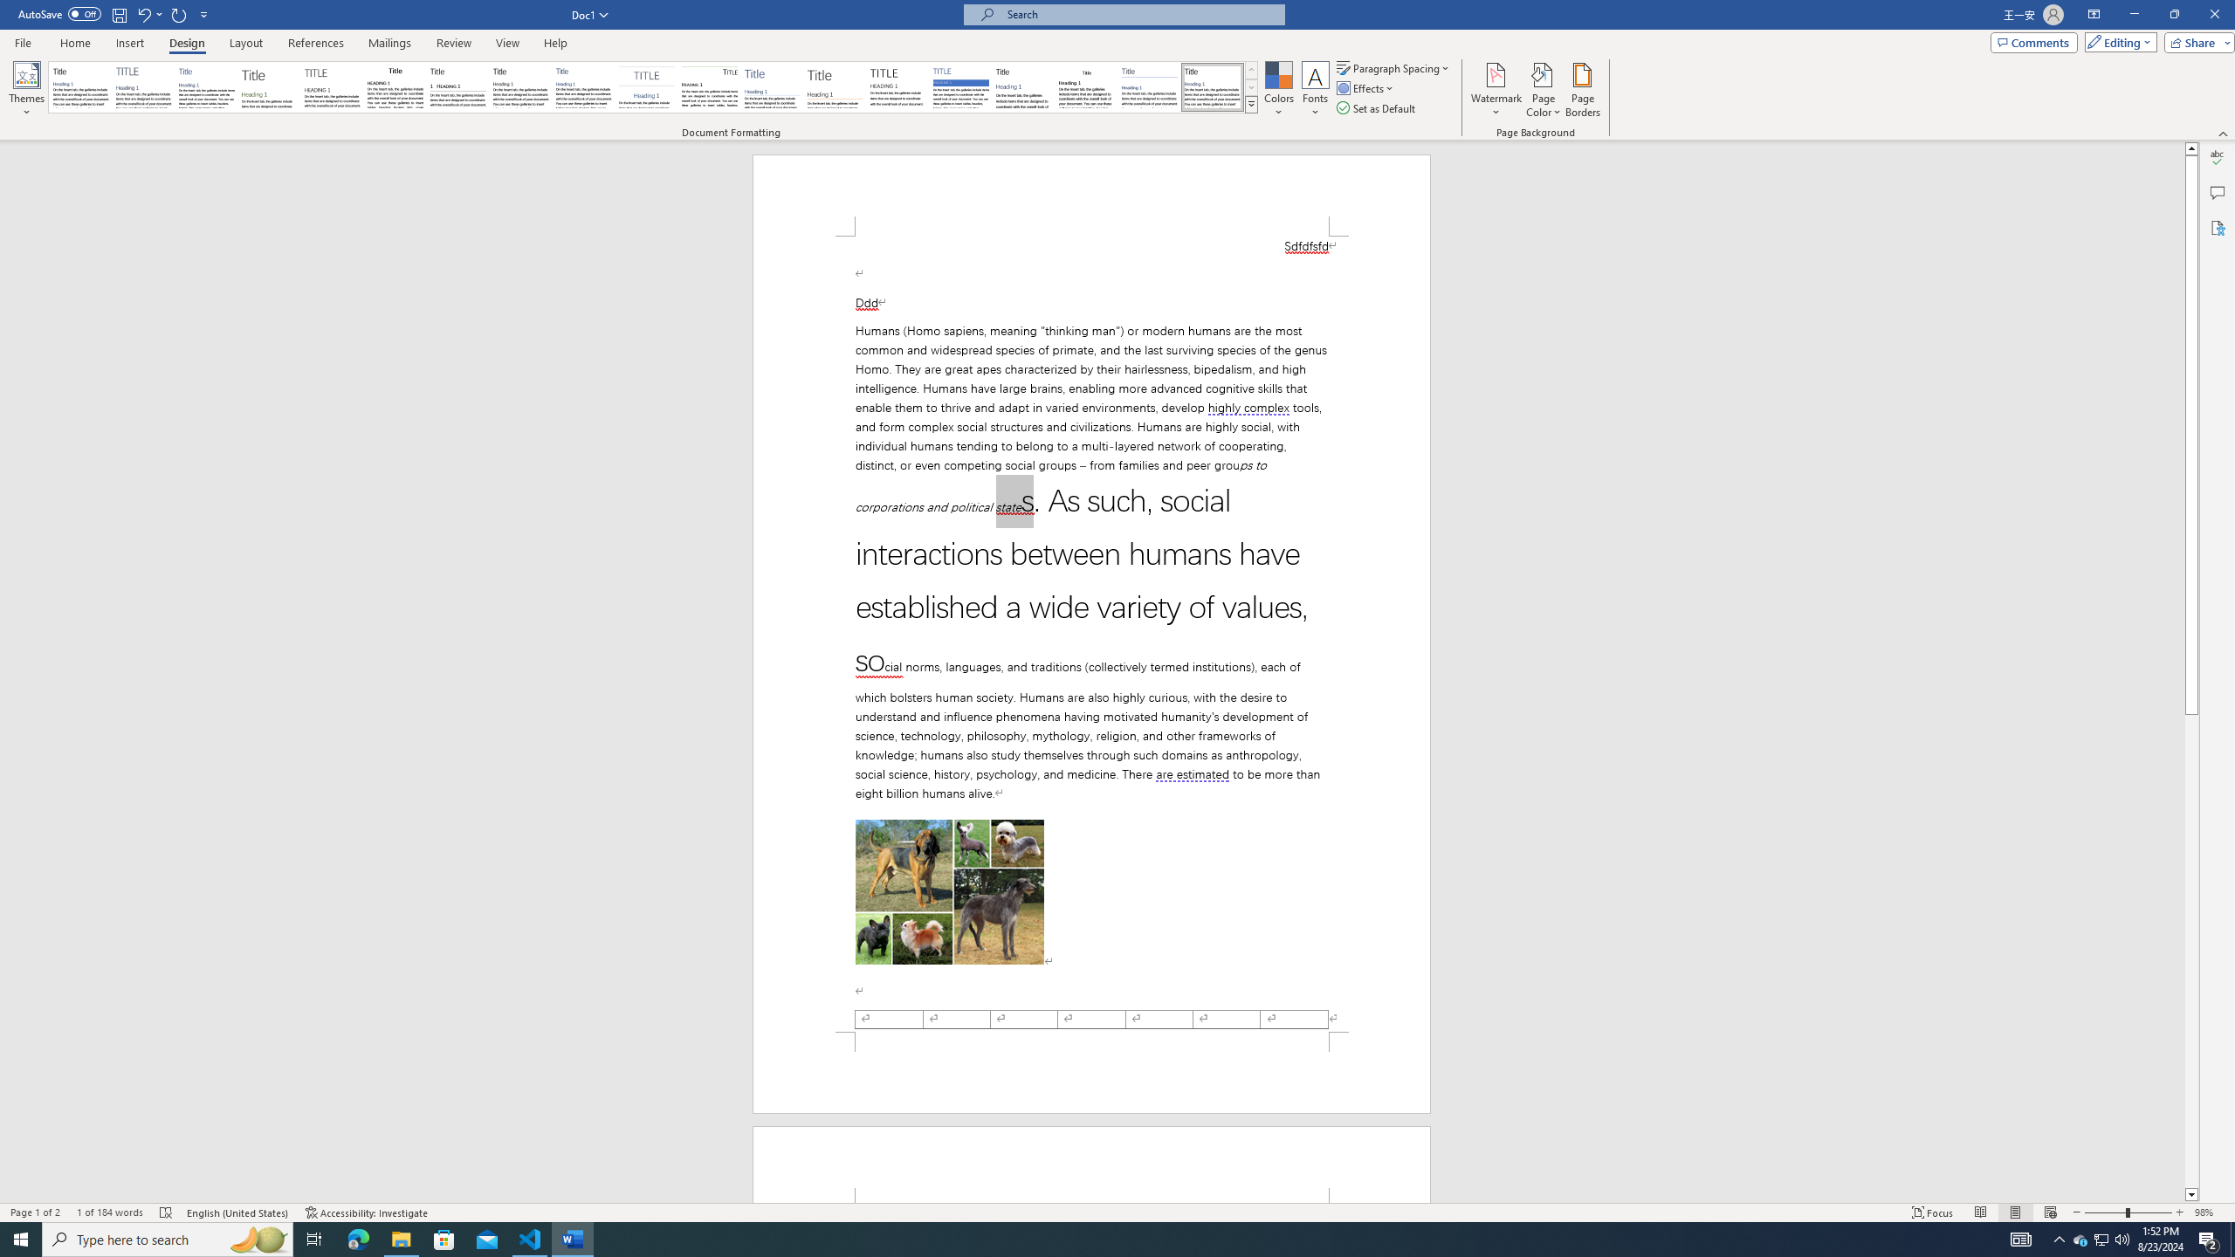 The width and height of the screenshot is (2235, 1257). What do you see at coordinates (1250, 103) in the screenshot?
I see `'Style Set'` at bounding box center [1250, 103].